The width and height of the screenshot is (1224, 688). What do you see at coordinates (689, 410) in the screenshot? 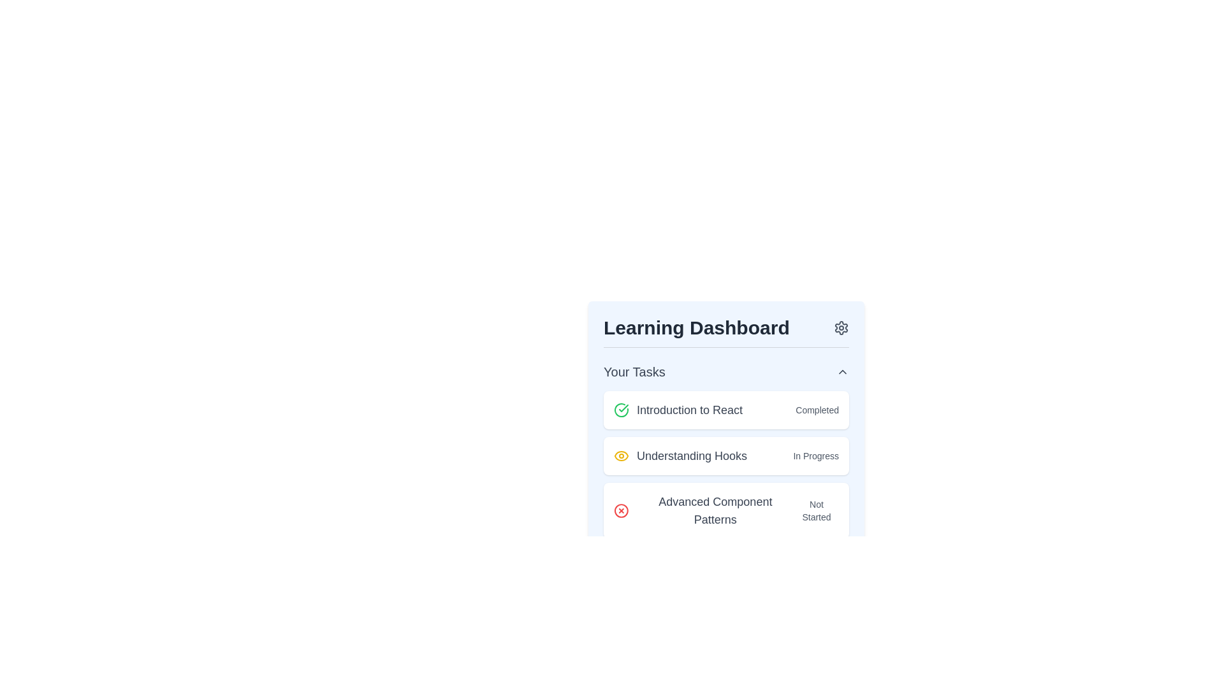
I see `the text label displaying 'Introduction to React' in the 'Your Tasks' section of the learning dashboard` at bounding box center [689, 410].